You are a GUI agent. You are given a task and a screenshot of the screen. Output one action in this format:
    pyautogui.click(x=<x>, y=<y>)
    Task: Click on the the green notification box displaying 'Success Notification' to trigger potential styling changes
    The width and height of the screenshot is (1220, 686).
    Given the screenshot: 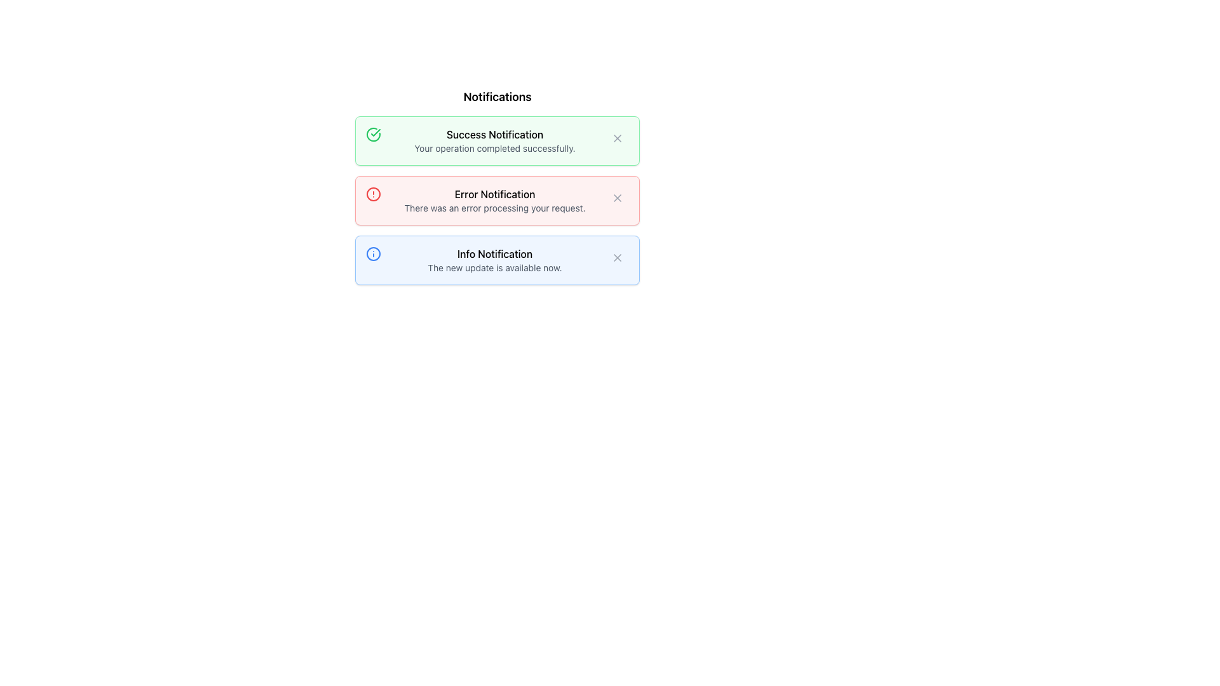 What is the action you would take?
    pyautogui.click(x=496, y=141)
    